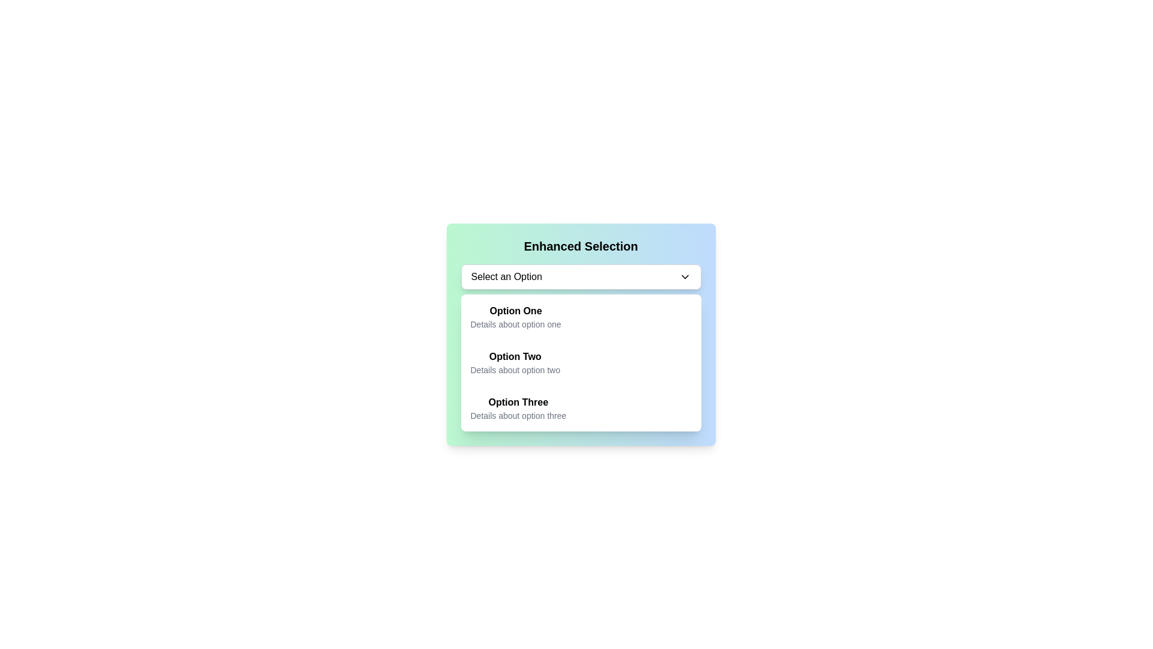 This screenshot has height=649, width=1153. What do you see at coordinates (516, 317) in the screenshot?
I see `the first listed option labeled 'Option One' in the dropdown menu of the 'Enhanced Selection' interface` at bounding box center [516, 317].